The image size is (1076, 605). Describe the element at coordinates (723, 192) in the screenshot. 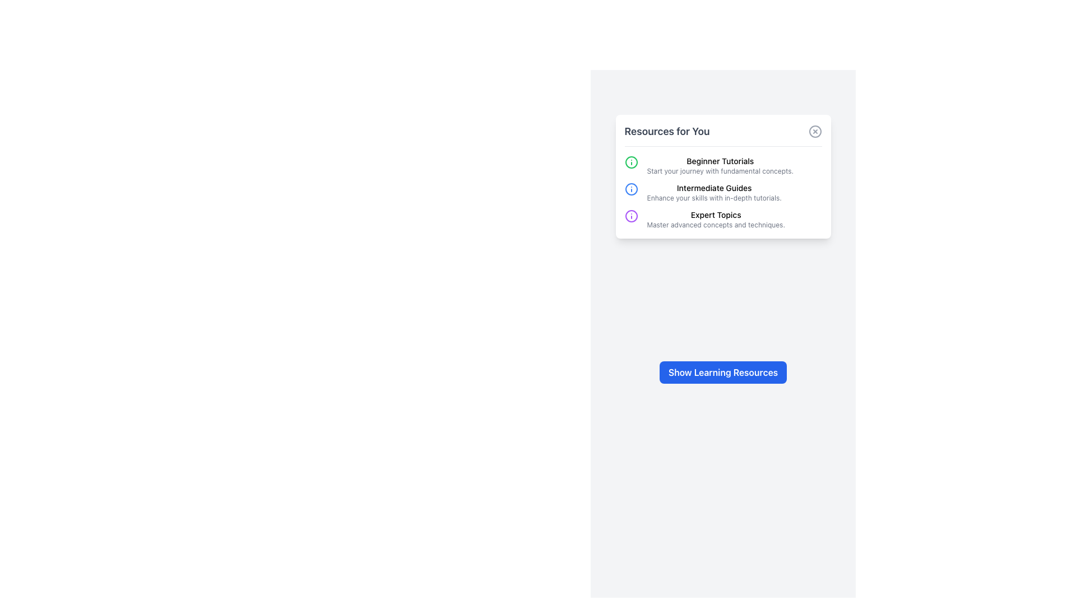

I see `descriptive subtexts of the grouped informational sections in the white card interface containing 'Beginner Tutorials', 'Intermediate Guides', and 'Expert Topics'` at that location.